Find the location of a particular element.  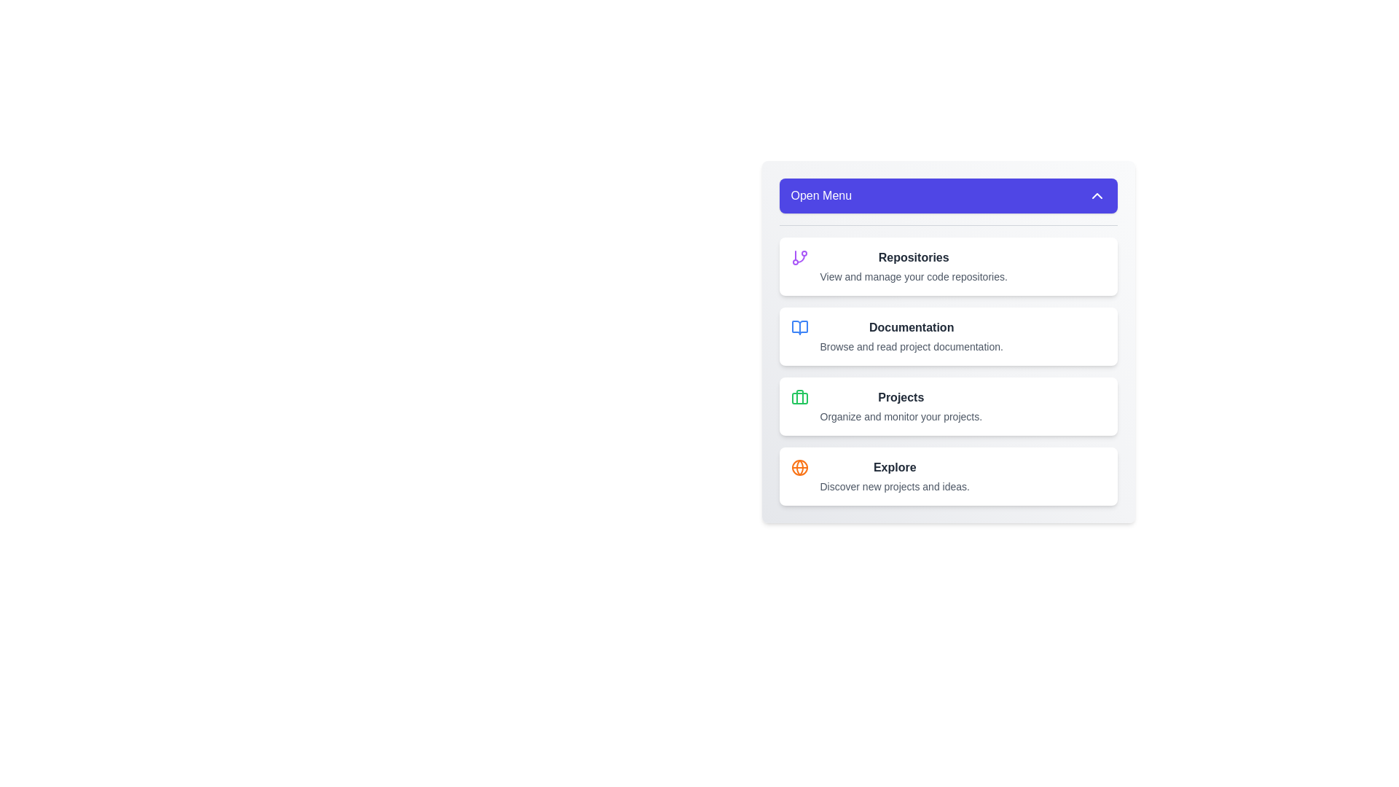

the text element displaying 'Explore' in bold dark gray font, part of the menu section above the descriptive text 'Discover new projects and ideas' is located at coordinates (894, 467).